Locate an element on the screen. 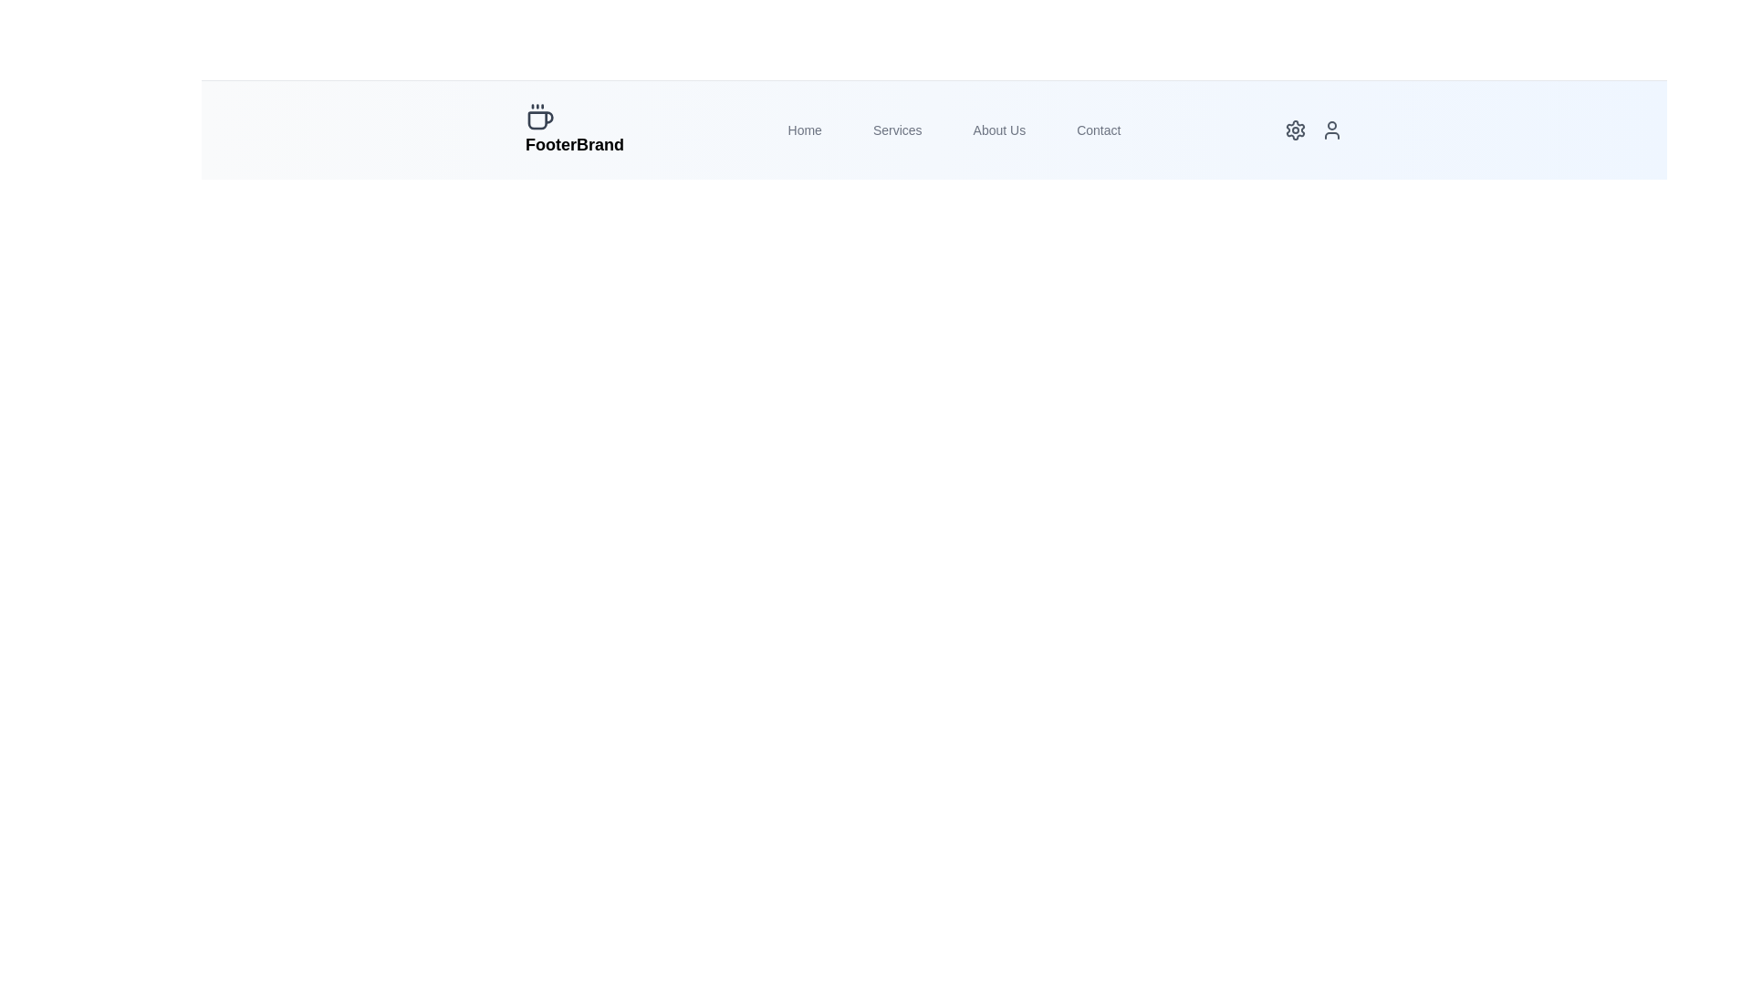 Image resolution: width=1752 pixels, height=985 pixels. the settings icon is located at coordinates (1295, 129).